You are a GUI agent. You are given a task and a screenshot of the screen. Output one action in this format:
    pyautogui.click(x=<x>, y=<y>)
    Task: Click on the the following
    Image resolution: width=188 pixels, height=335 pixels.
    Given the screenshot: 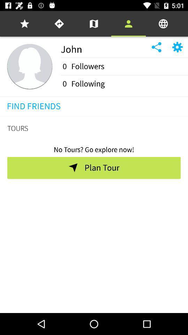 What is the action you would take?
    pyautogui.click(x=88, y=84)
    